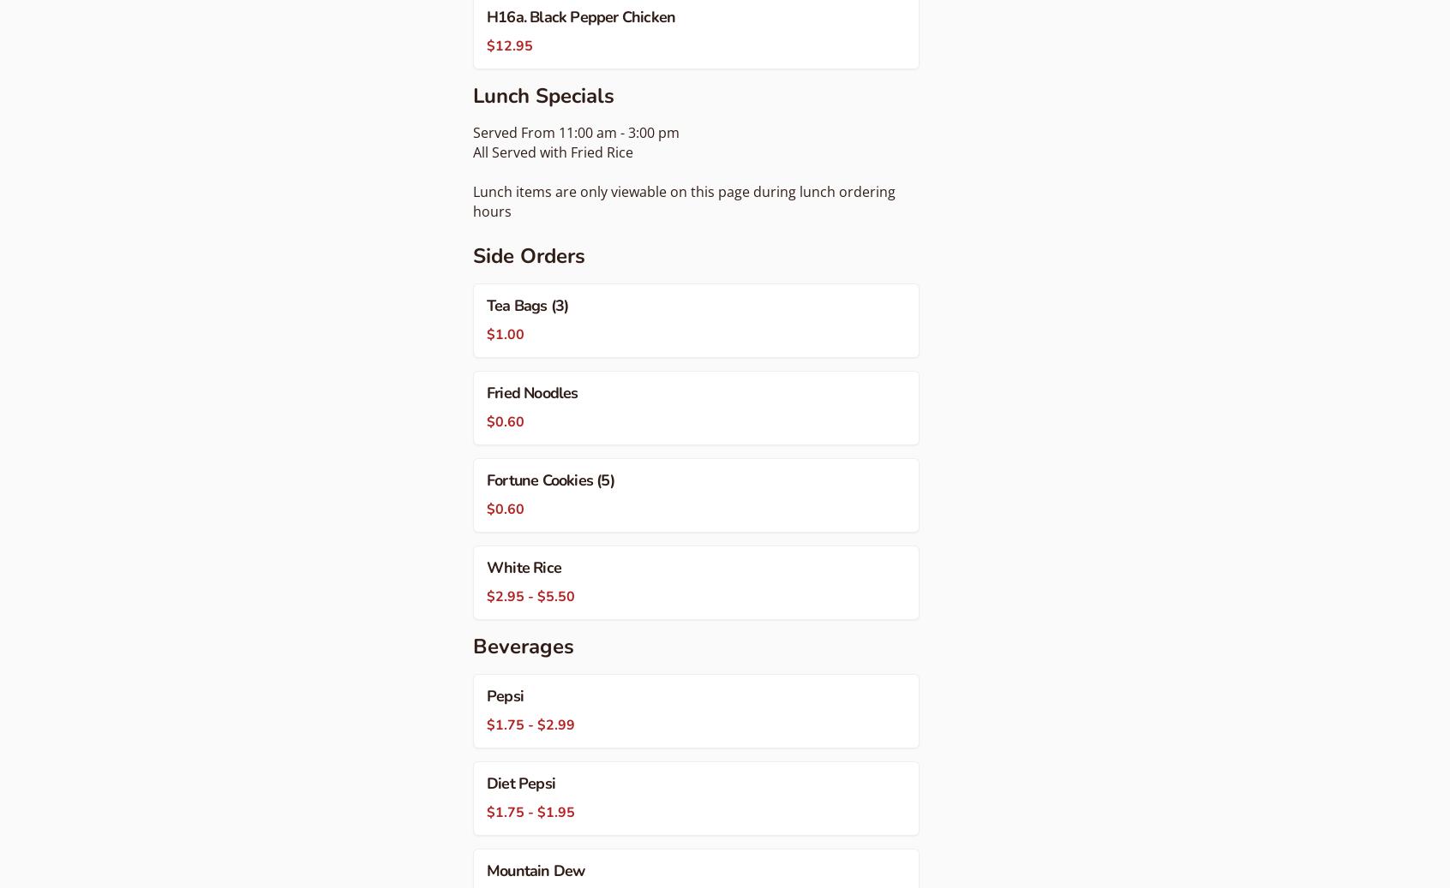  I want to click on 'White Rice', so click(486, 567).